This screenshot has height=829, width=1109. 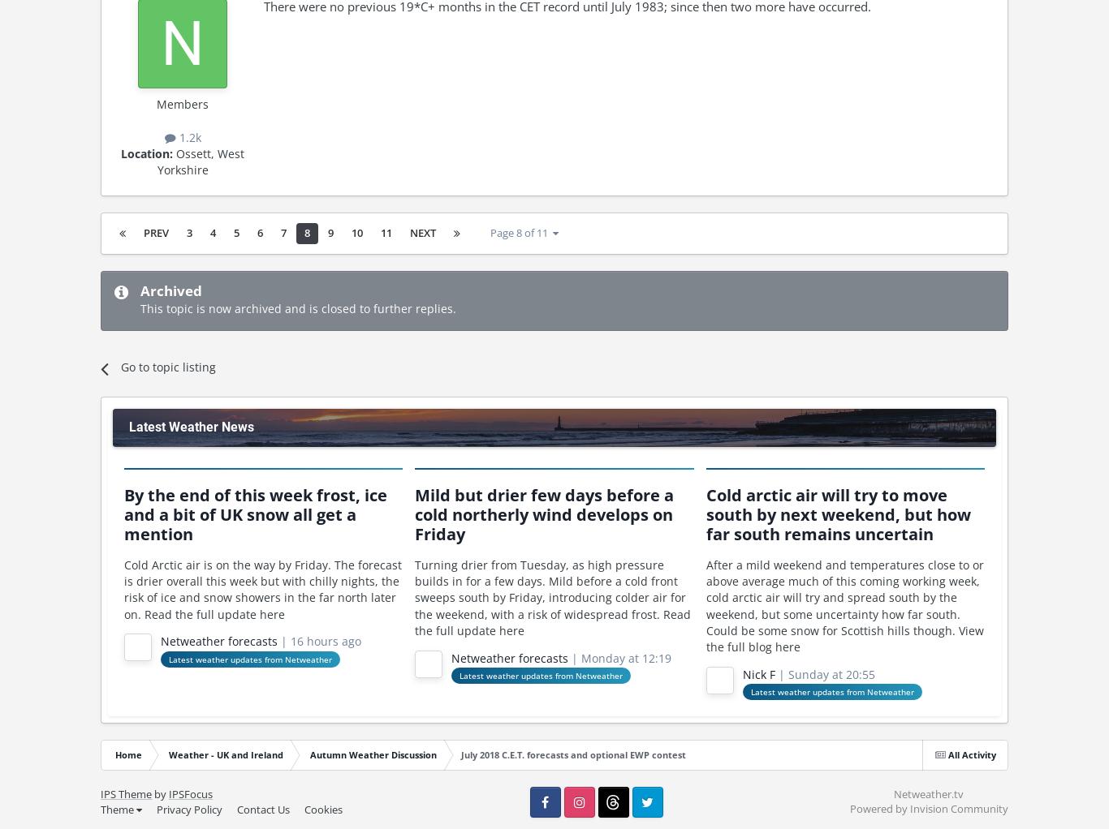 What do you see at coordinates (422, 232) in the screenshot?
I see `'Next'` at bounding box center [422, 232].